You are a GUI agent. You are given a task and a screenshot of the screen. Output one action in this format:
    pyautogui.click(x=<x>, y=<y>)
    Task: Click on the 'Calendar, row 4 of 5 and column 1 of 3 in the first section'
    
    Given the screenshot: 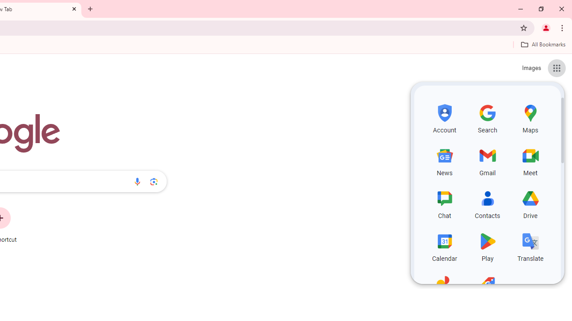 What is the action you would take?
    pyautogui.click(x=445, y=246)
    